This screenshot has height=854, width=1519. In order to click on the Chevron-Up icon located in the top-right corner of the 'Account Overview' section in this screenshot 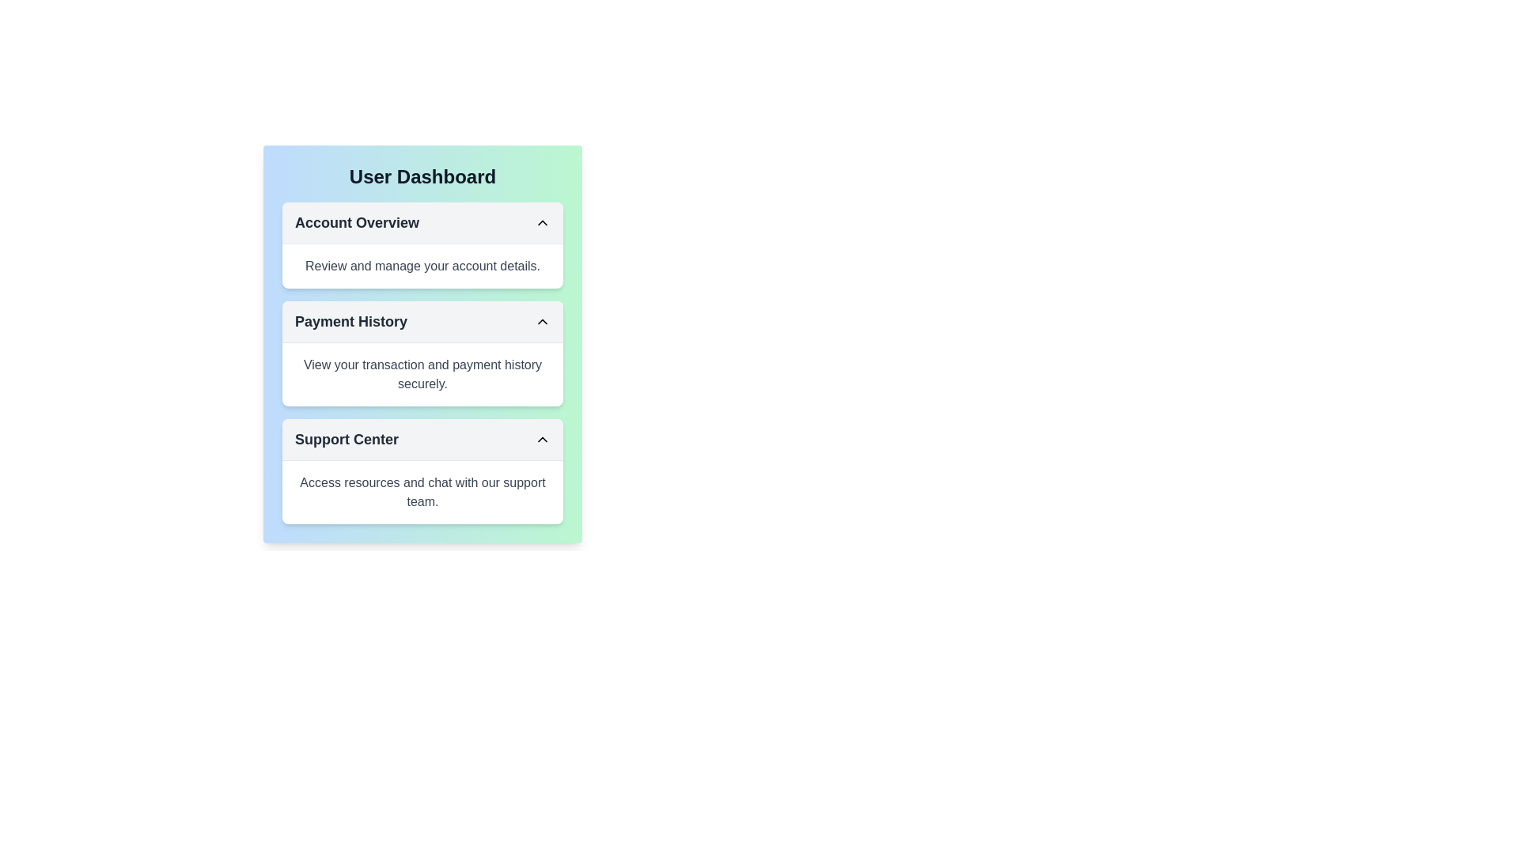, I will do `click(543, 222)`.